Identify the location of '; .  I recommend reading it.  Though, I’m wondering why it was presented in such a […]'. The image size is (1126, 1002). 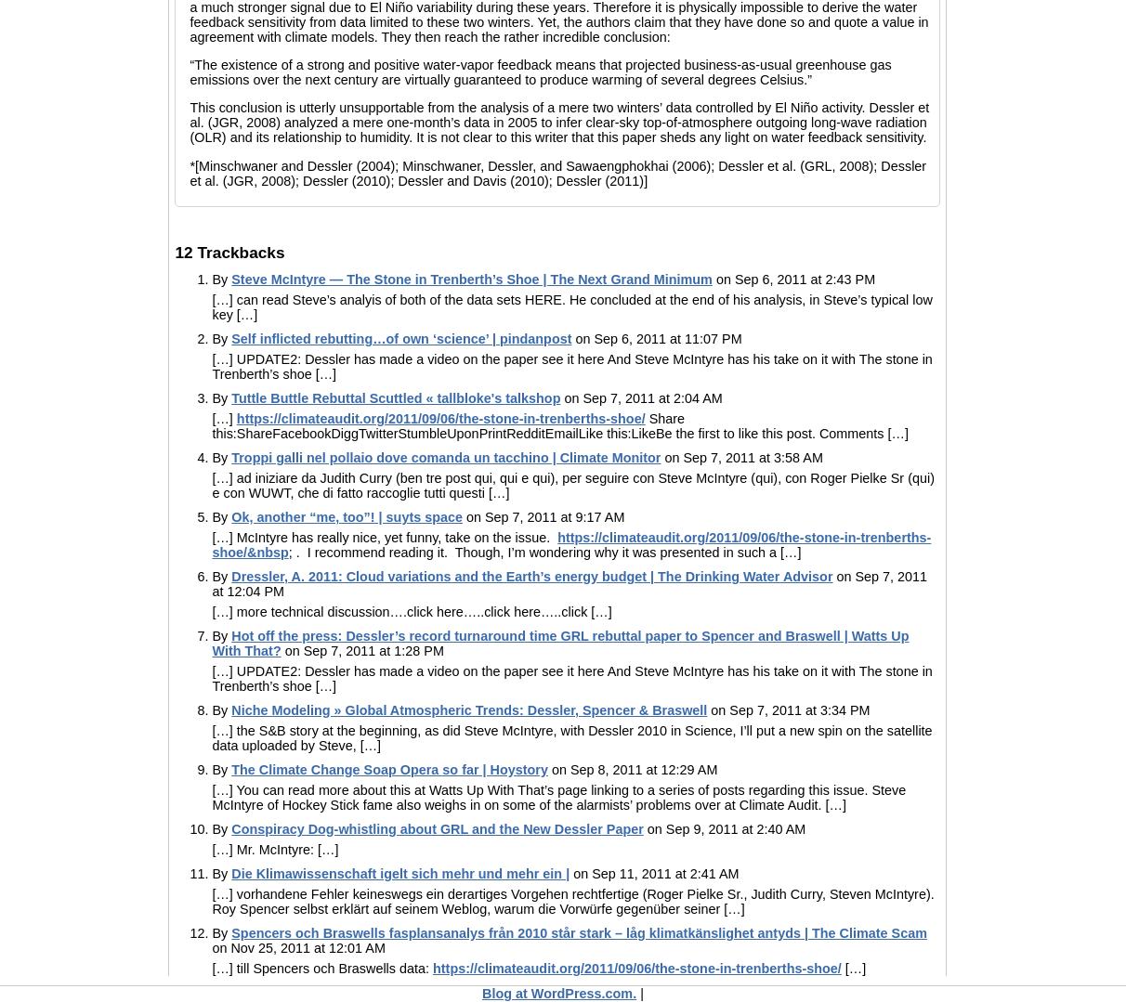
(544, 551).